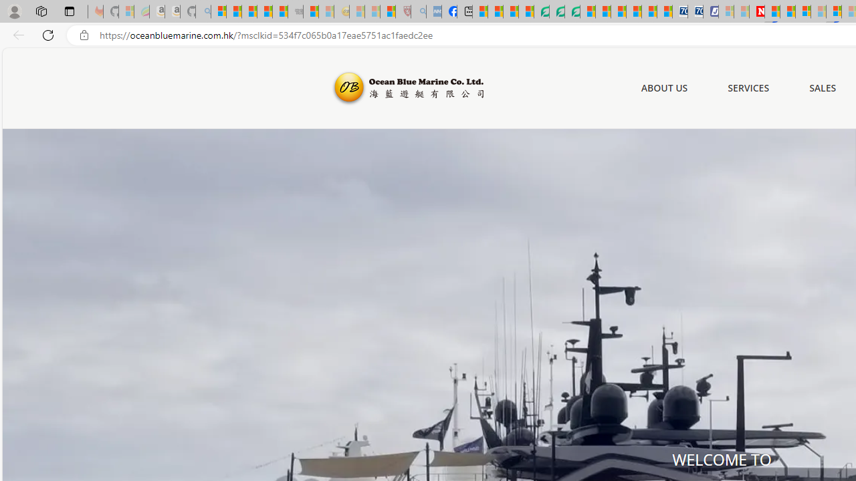 The image size is (856, 481). I want to click on 'World - MSN', so click(510, 11).